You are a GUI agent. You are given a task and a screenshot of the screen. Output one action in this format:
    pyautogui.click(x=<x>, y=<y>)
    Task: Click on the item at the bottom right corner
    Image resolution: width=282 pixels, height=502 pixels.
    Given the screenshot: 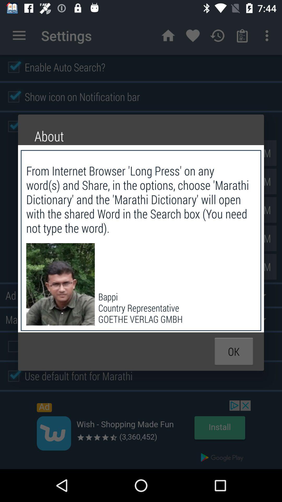 What is the action you would take?
    pyautogui.click(x=233, y=351)
    